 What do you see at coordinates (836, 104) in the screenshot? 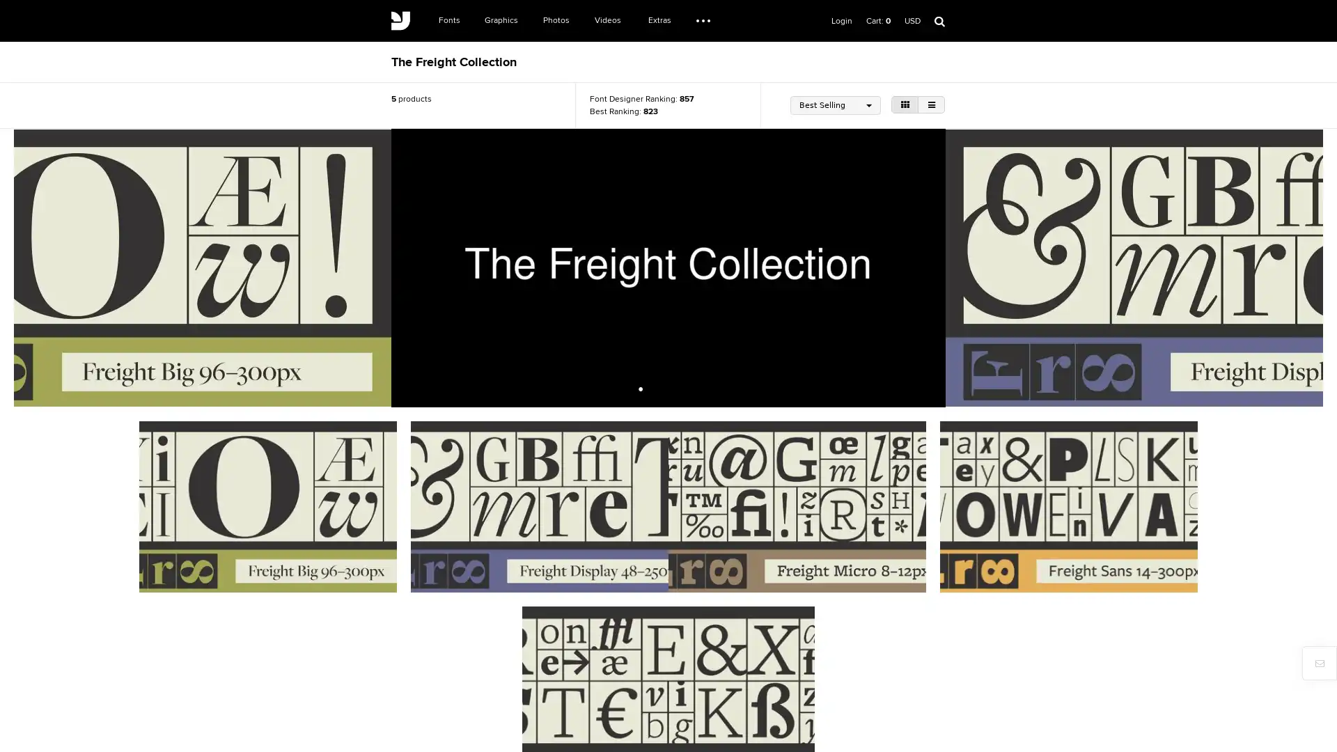
I see `Best Selling` at bounding box center [836, 104].